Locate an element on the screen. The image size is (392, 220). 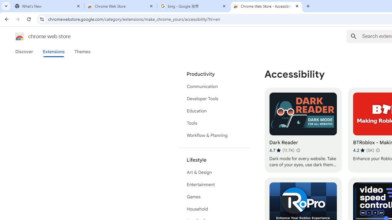
'Games' is located at coordinates (214, 197).